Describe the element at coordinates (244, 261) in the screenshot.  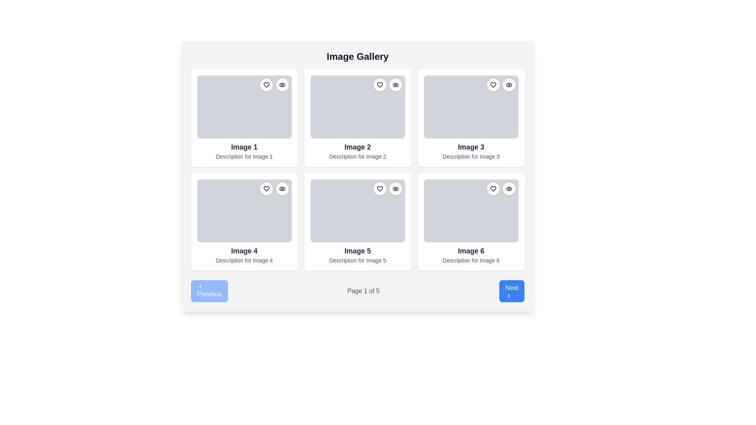
I see `the static text label providing a description for 'Image 4', located beneath the title in the fourth item of a 3x2 grid layout` at that location.